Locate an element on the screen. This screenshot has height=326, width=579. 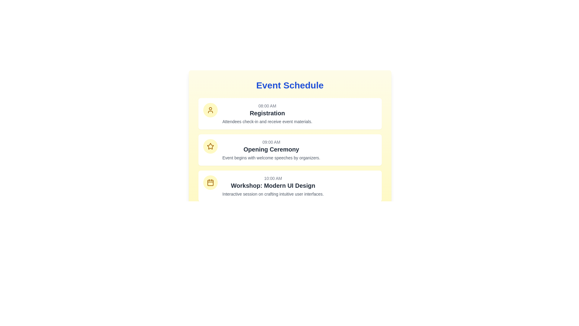
the calendar icon representing the event 'Workshop: Modern UI Design' located in the third row of the event schedule is located at coordinates (210, 182).